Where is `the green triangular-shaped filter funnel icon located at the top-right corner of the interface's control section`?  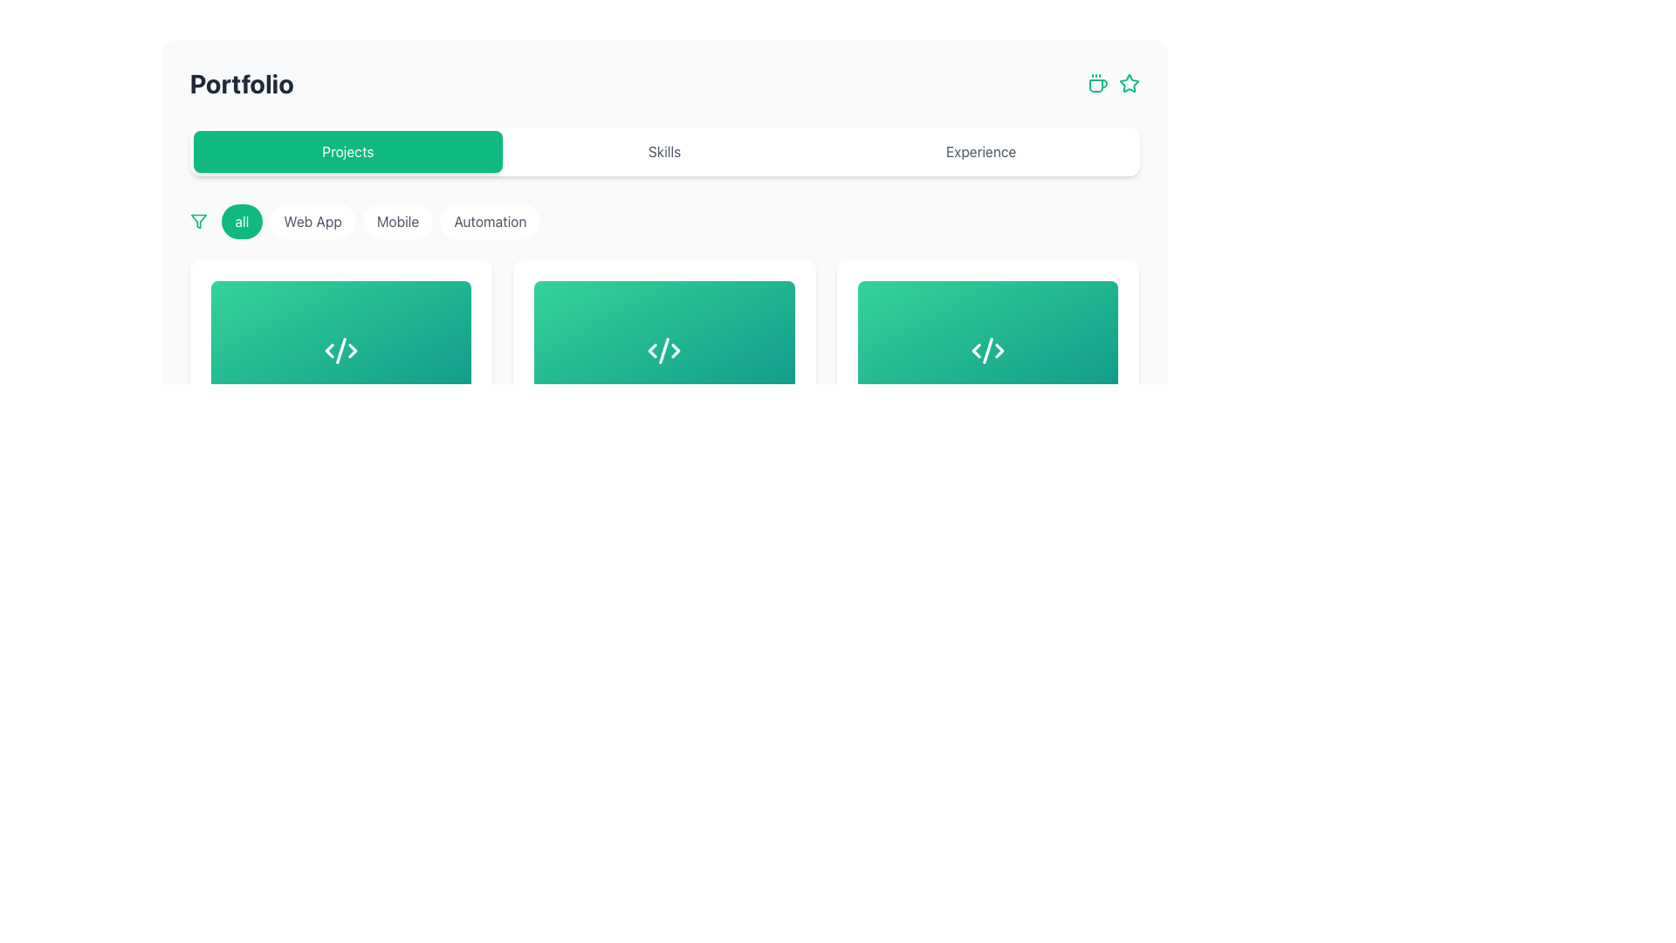
the green triangular-shaped filter funnel icon located at the top-right corner of the interface's control section is located at coordinates (198, 221).